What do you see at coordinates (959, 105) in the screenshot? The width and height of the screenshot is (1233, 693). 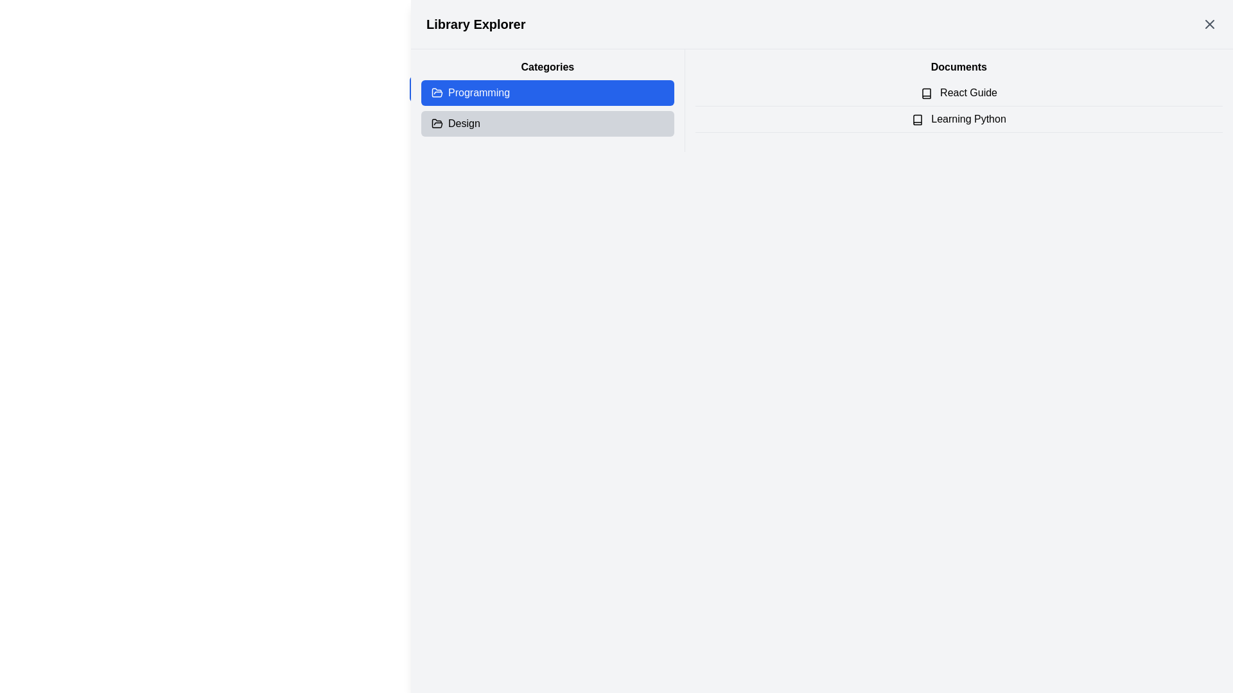 I see `the second item` at bounding box center [959, 105].